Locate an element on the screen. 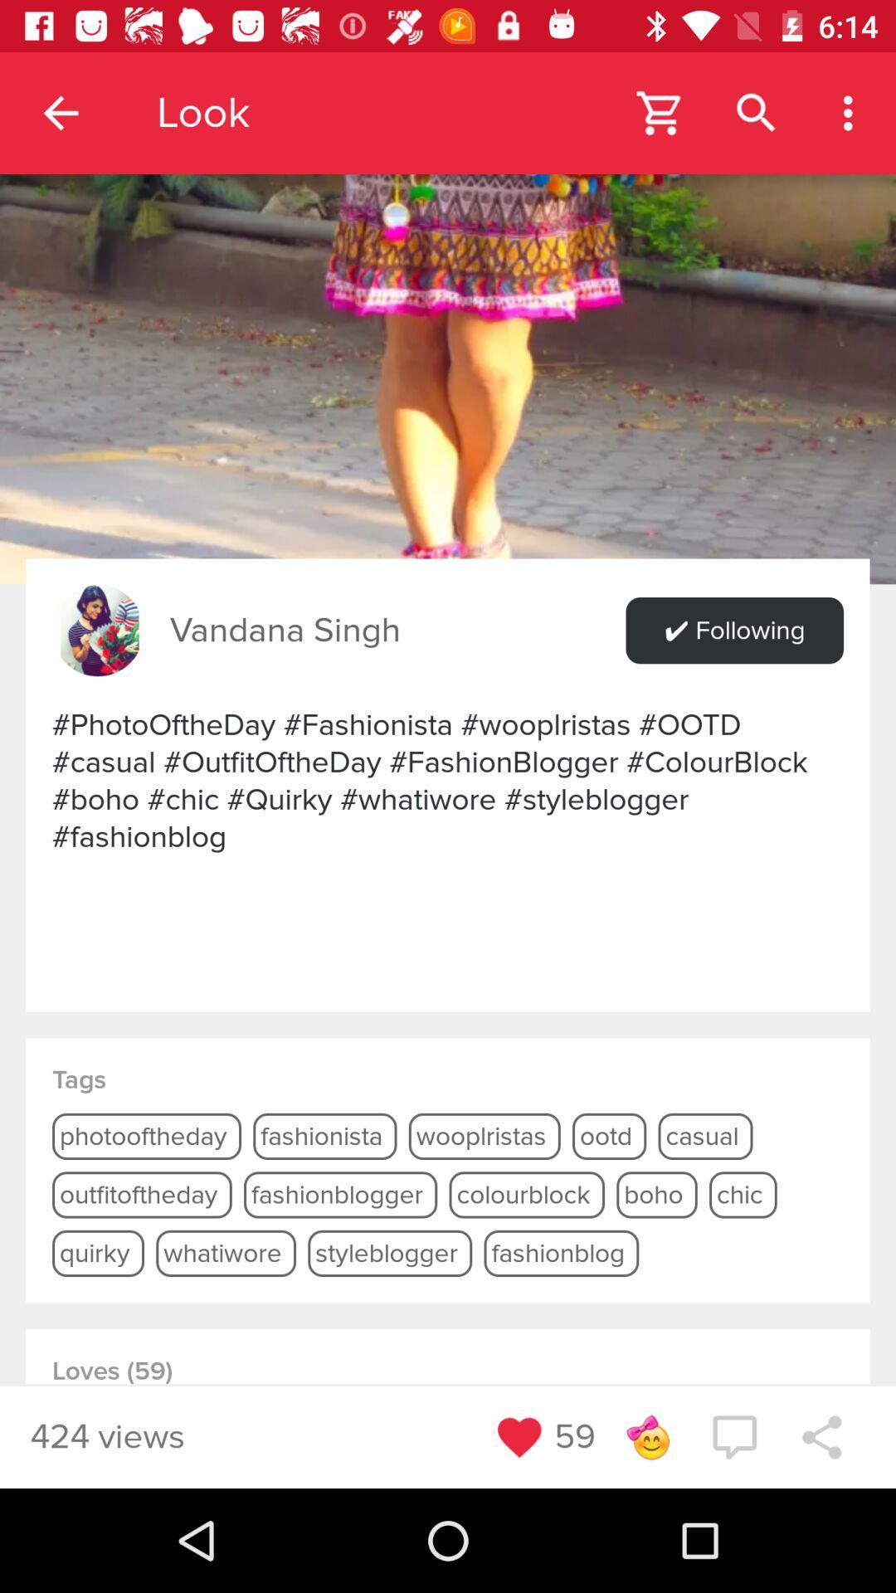 Image resolution: width=896 pixels, height=1593 pixels. item to the right of 59 is located at coordinates (646, 1436).